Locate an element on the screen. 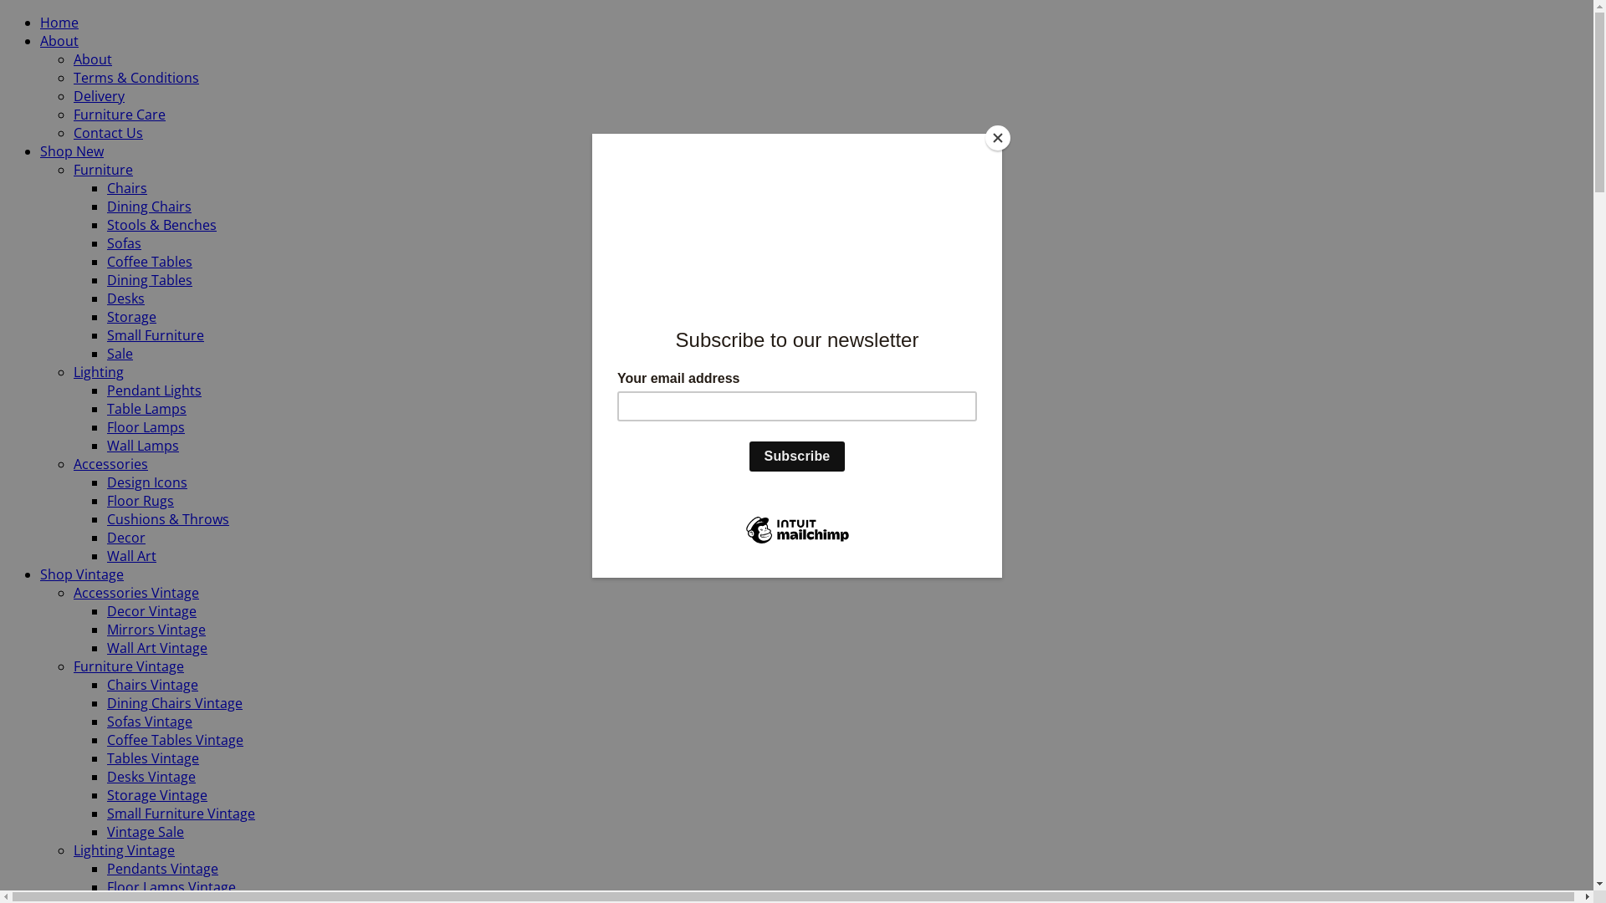 This screenshot has height=903, width=1606. 'Storage Vintage' is located at coordinates (156, 794).